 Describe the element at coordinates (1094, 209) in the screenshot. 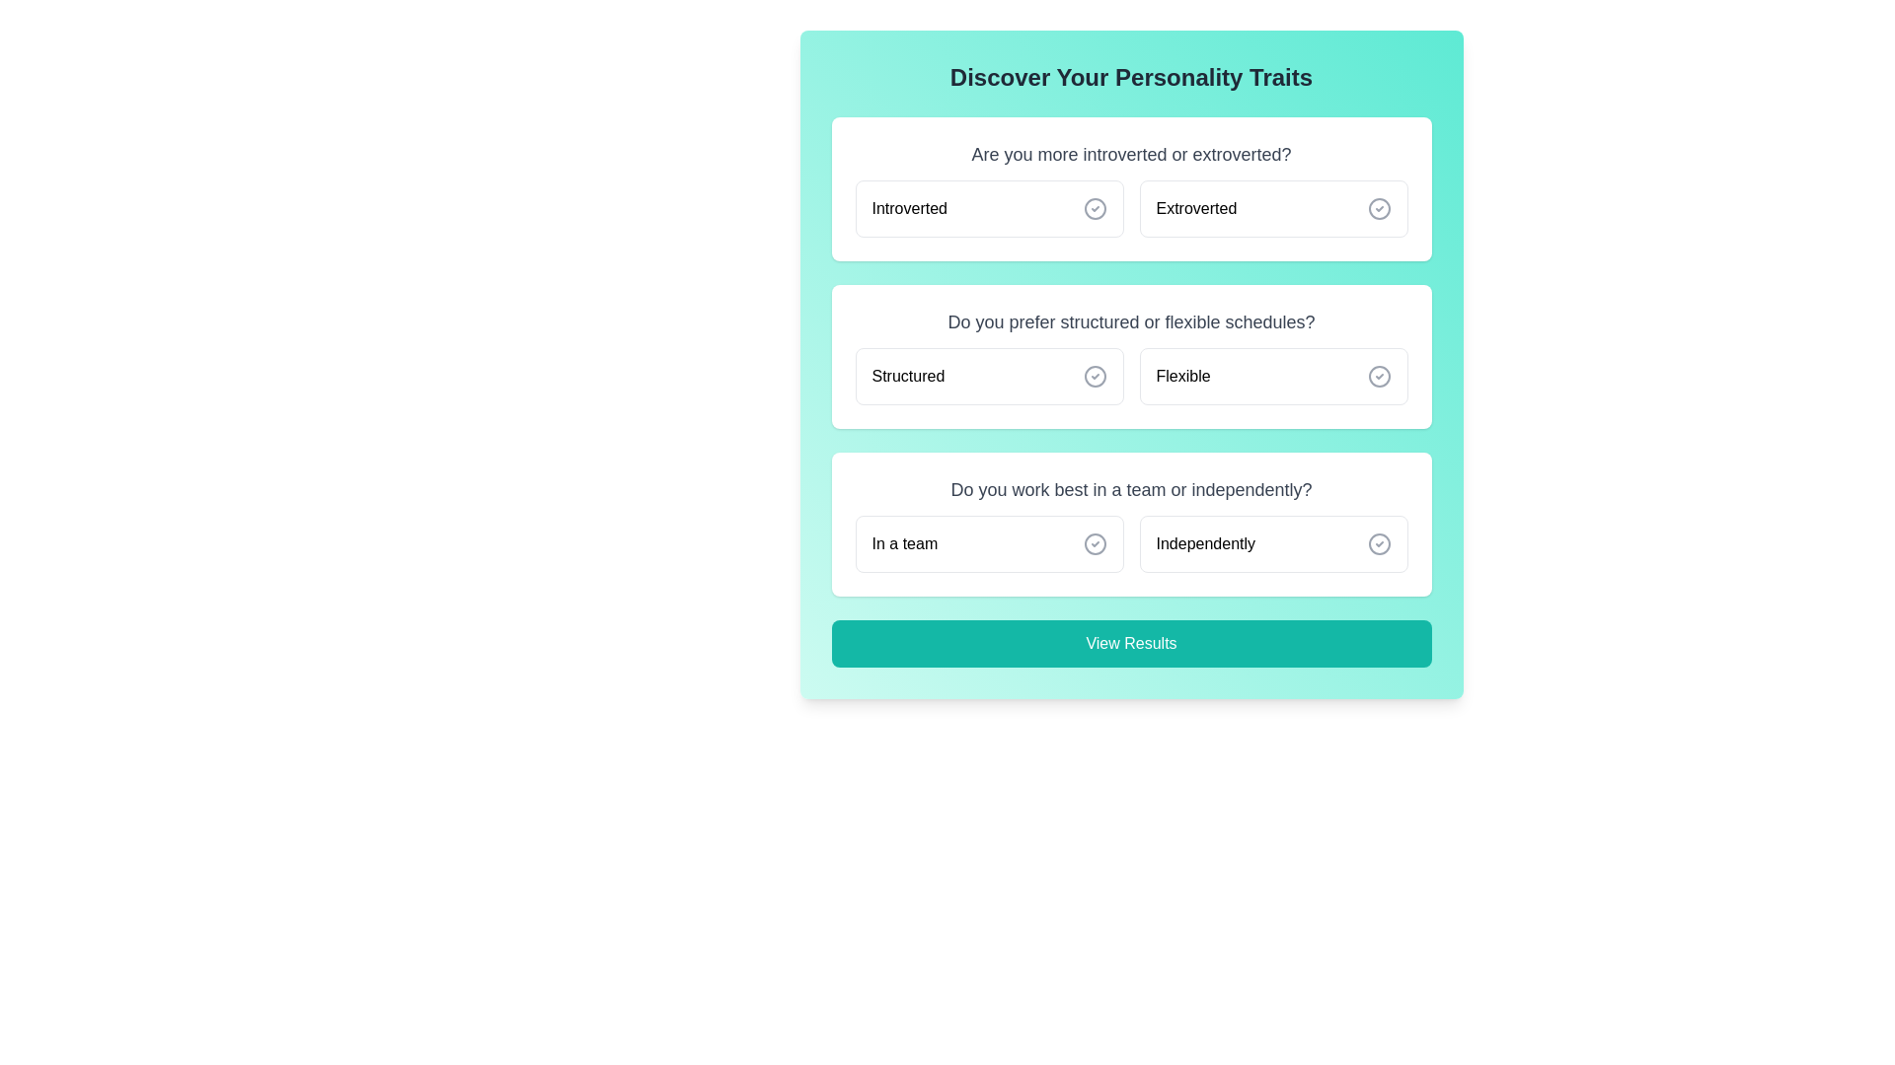

I see `the circular outline of the check mark icon located to the right of the 'Introverted' label in the topmost question row` at that location.